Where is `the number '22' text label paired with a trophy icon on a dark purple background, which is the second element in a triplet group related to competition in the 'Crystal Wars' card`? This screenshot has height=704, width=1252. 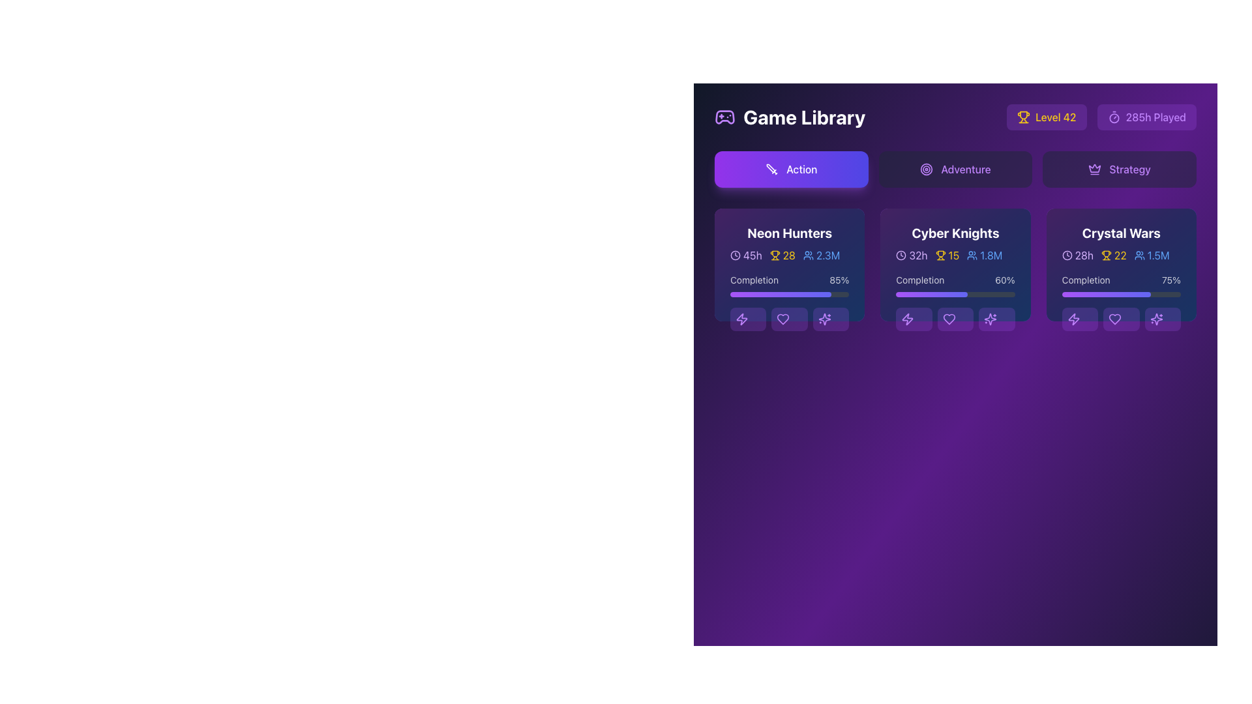
the number '22' text label paired with a trophy icon on a dark purple background, which is the second element in a triplet group related to competition in the 'Crystal Wars' card is located at coordinates (1113, 256).